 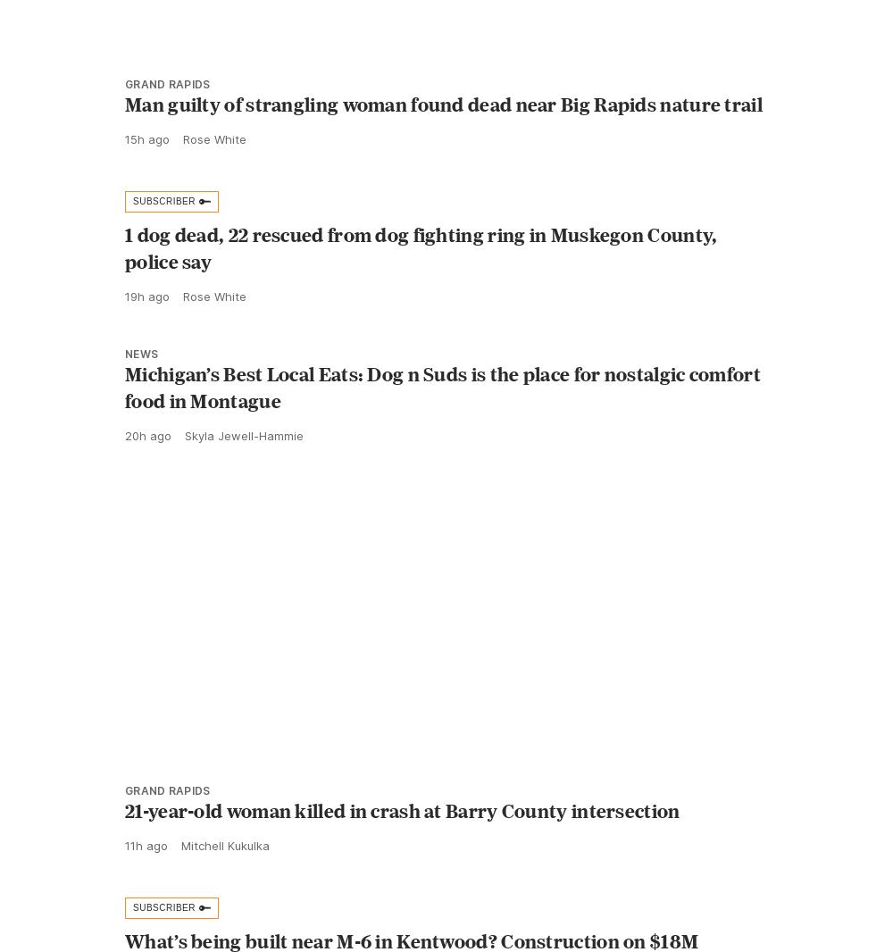 What do you see at coordinates (164, 240) in the screenshot?
I see `'Subscriber'` at bounding box center [164, 240].